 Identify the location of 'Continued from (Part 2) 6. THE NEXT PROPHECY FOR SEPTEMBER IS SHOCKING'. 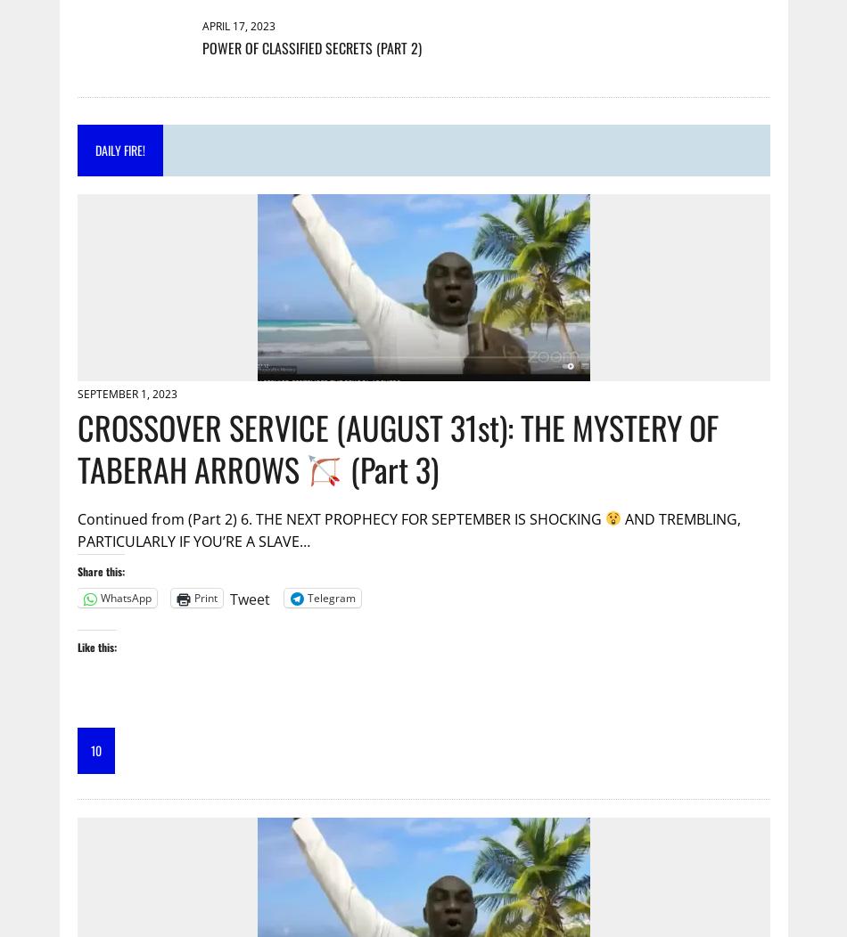
(339, 517).